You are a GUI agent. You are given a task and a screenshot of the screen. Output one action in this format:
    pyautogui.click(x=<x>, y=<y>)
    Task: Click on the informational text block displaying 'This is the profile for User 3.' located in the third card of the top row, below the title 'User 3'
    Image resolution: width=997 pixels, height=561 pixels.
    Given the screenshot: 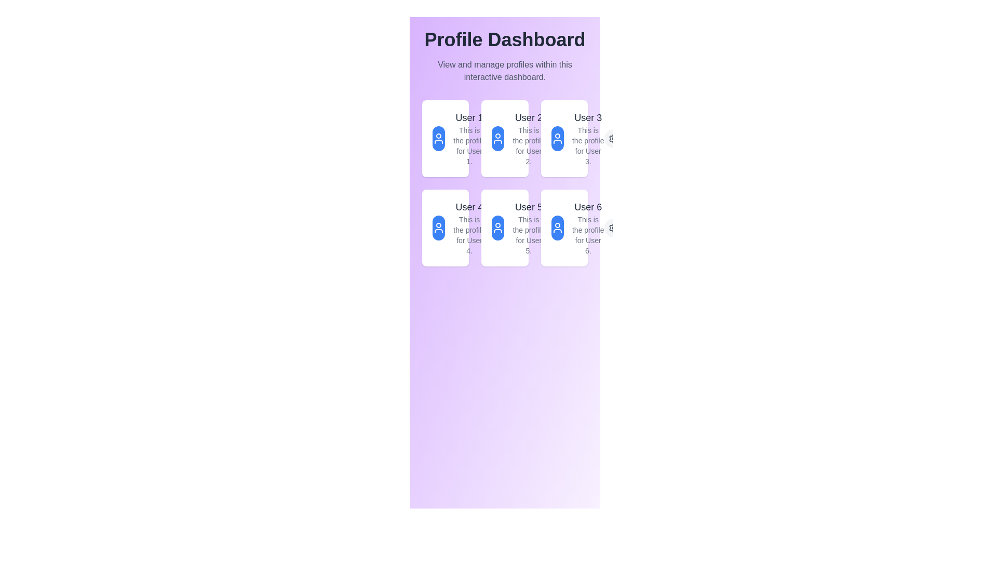 What is the action you would take?
    pyautogui.click(x=588, y=146)
    